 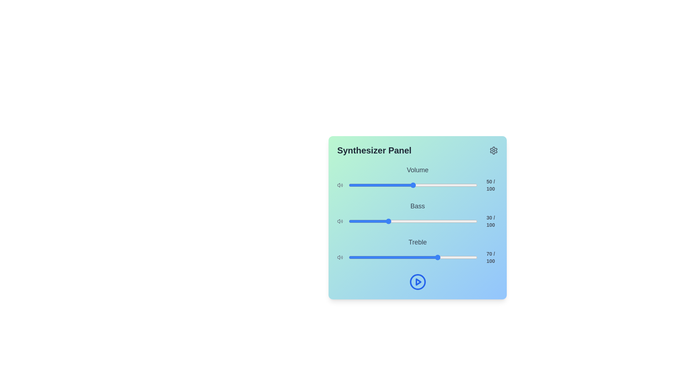 What do you see at coordinates (414, 185) in the screenshot?
I see `the volume slider to set the sound level to 51%` at bounding box center [414, 185].